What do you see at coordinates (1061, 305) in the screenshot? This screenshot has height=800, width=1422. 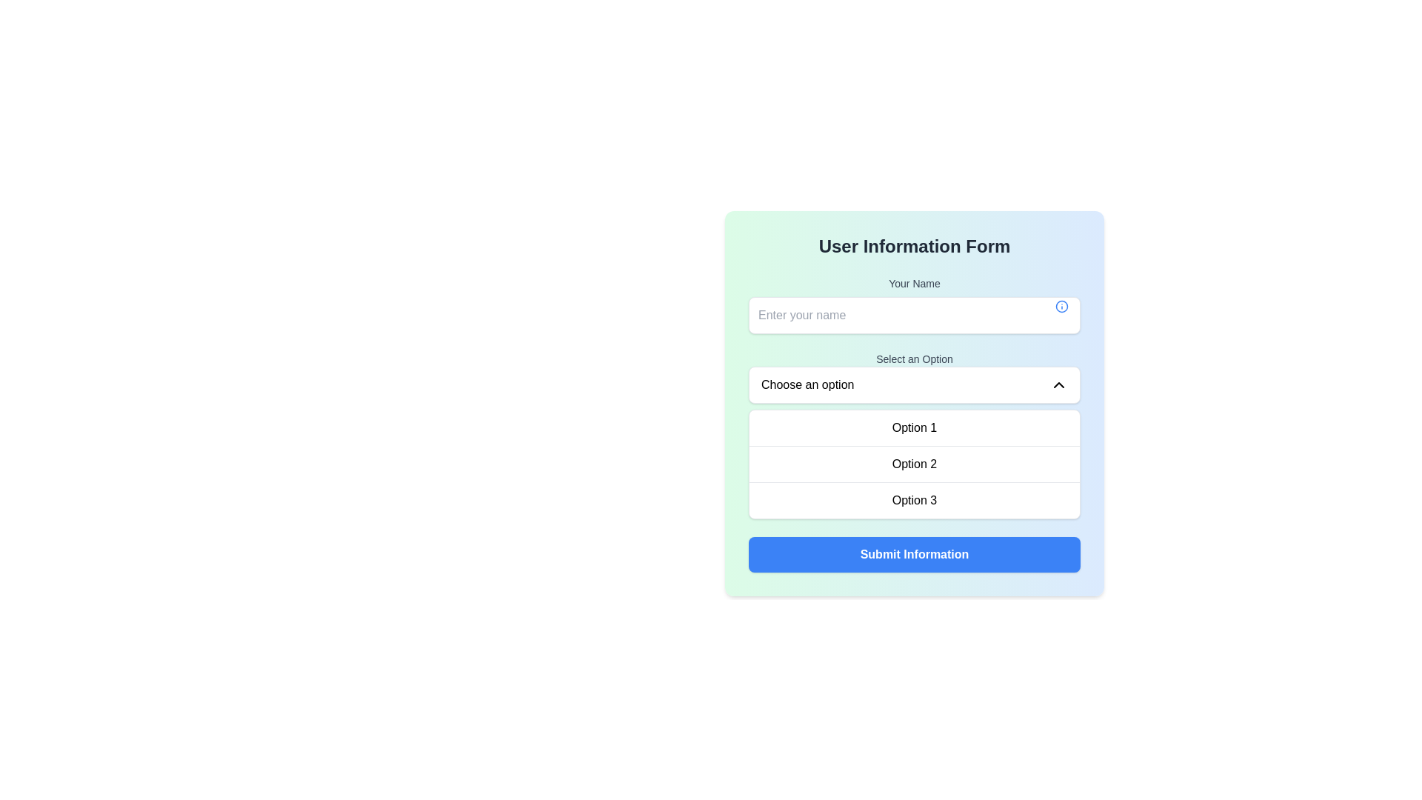 I see `the information icon located in the top-right corner of the 'Your Name' text input field` at bounding box center [1061, 305].